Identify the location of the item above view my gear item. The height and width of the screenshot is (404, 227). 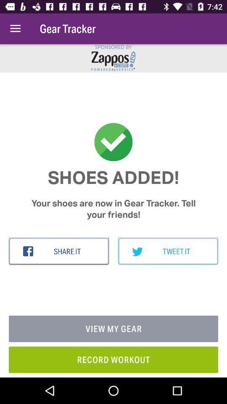
(168, 251).